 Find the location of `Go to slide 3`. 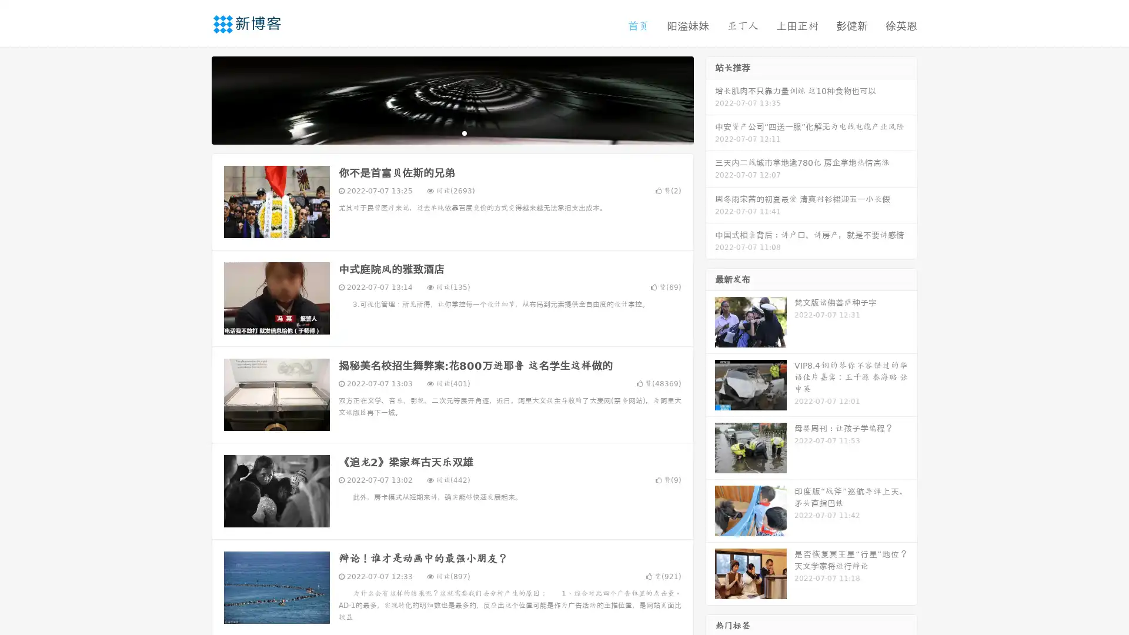

Go to slide 3 is located at coordinates (464, 132).